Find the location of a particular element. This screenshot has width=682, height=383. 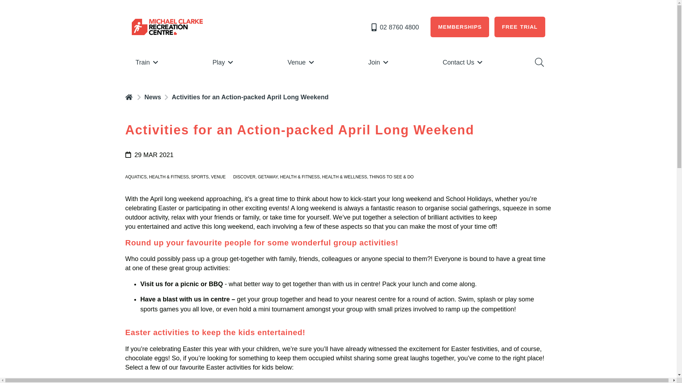

'FREE TRIAL' is located at coordinates (520, 27).